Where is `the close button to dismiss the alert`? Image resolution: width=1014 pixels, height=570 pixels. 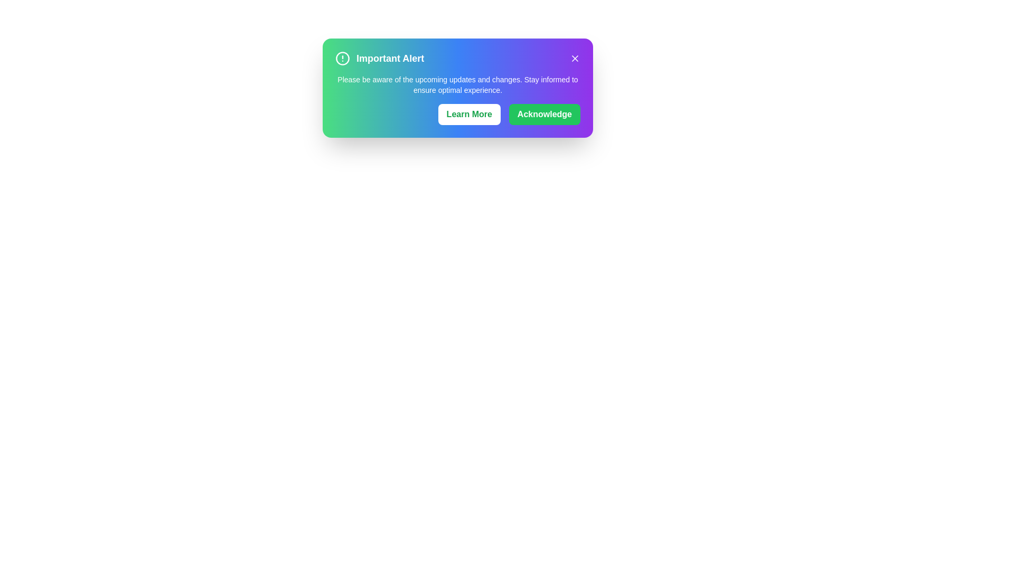 the close button to dismiss the alert is located at coordinates (575, 59).